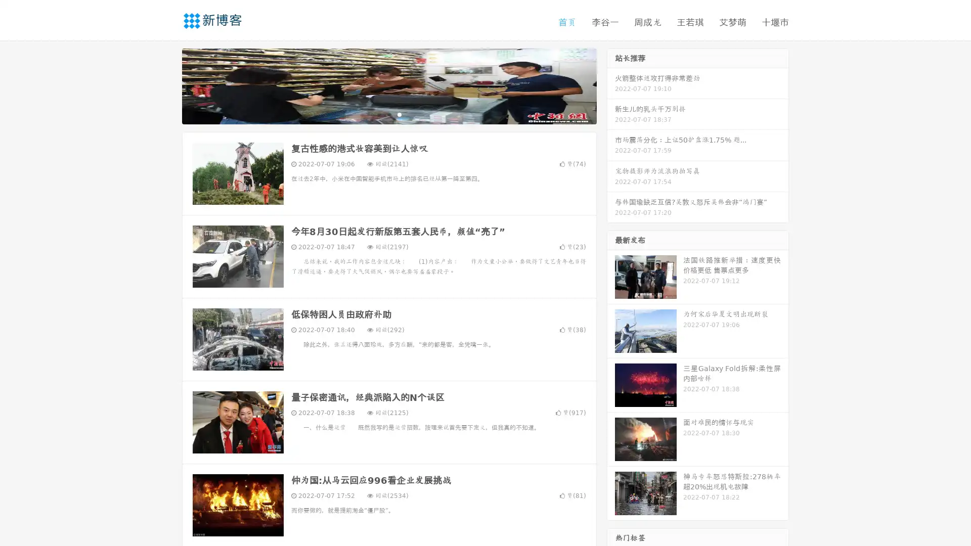 The height and width of the screenshot is (546, 971). What do you see at coordinates (388, 114) in the screenshot?
I see `Go to slide 2` at bounding box center [388, 114].